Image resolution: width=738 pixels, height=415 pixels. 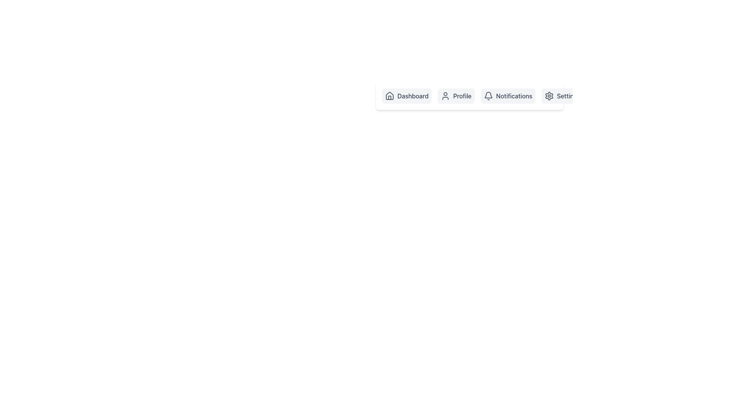 I want to click on the gear-shaped settings icon located at the far right of the navigation menu, adjacent to the notification bell icon, so click(x=549, y=96).